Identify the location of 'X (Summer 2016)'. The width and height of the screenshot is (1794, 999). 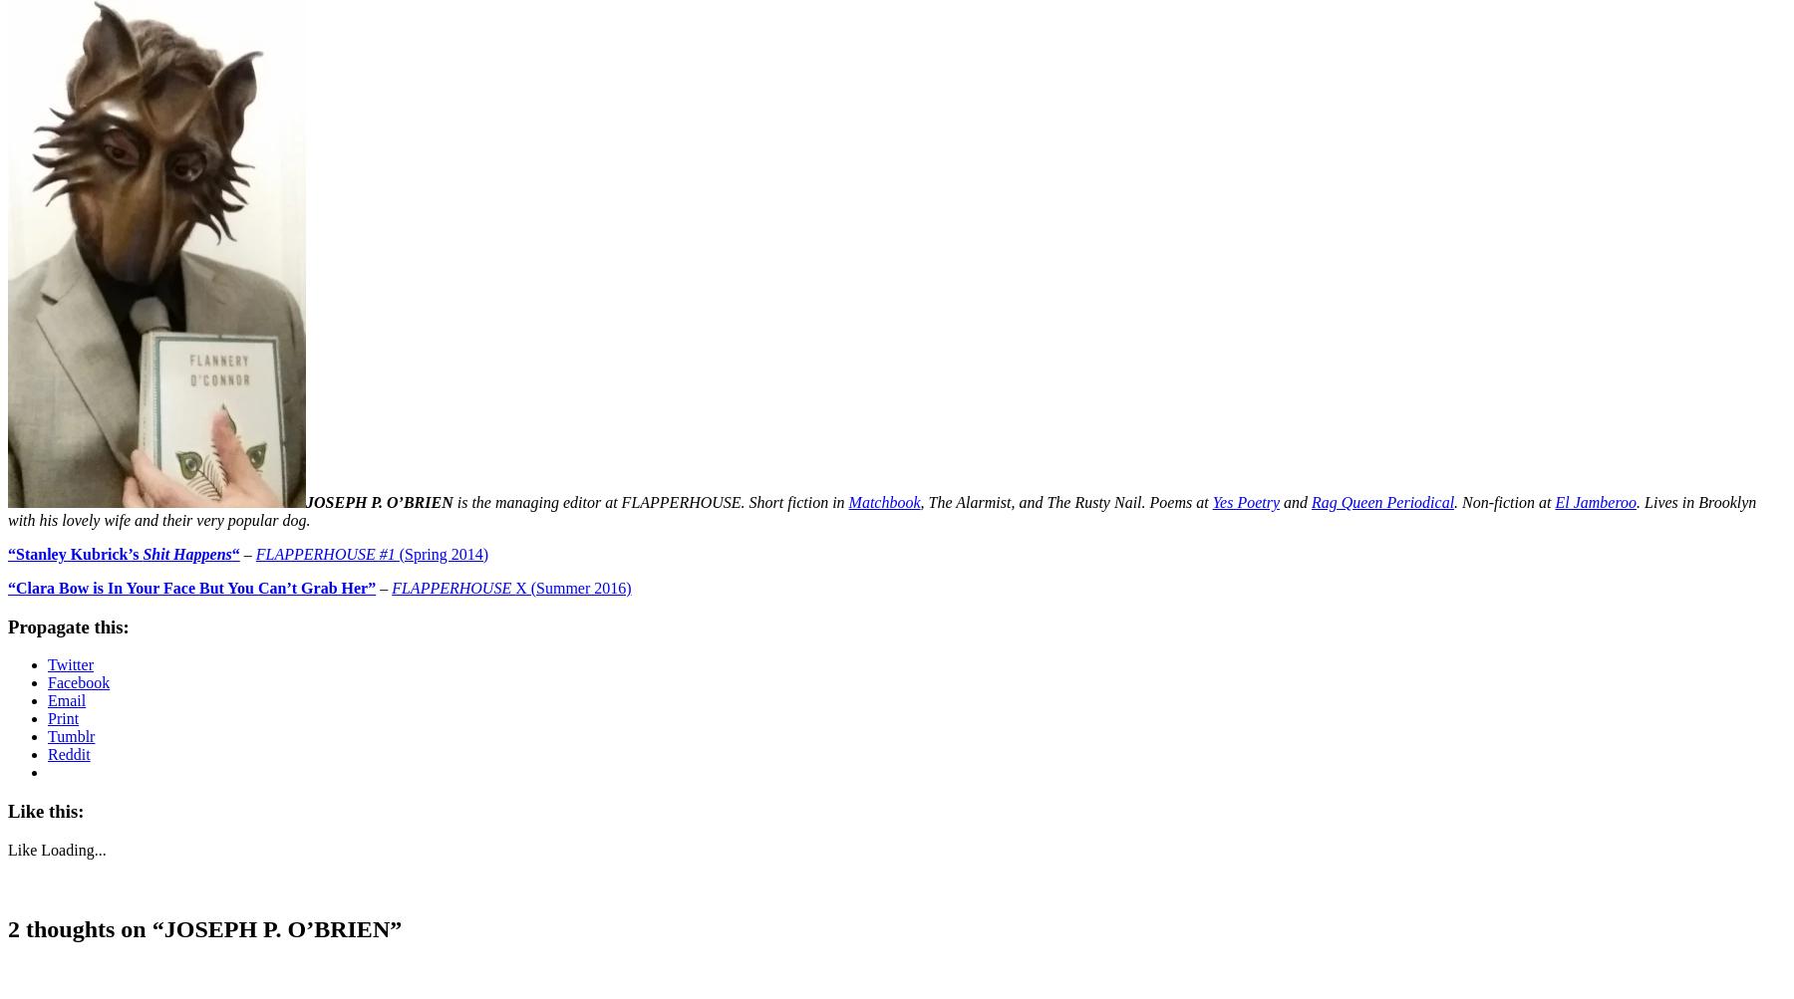
(572, 586).